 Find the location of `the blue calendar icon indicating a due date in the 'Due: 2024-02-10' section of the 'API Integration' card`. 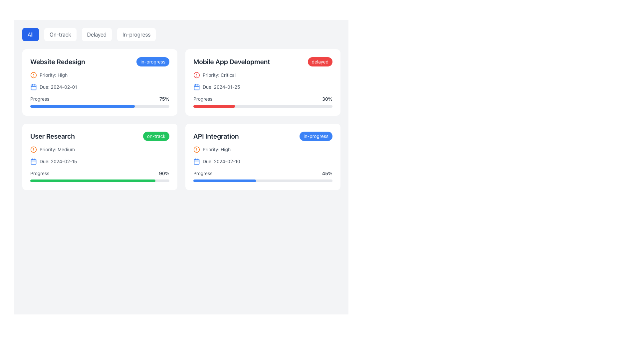

the blue calendar icon indicating a due date in the 'Due: 2024-02-10' section of the 'API Integration' card is located at coordinates (196, 162).